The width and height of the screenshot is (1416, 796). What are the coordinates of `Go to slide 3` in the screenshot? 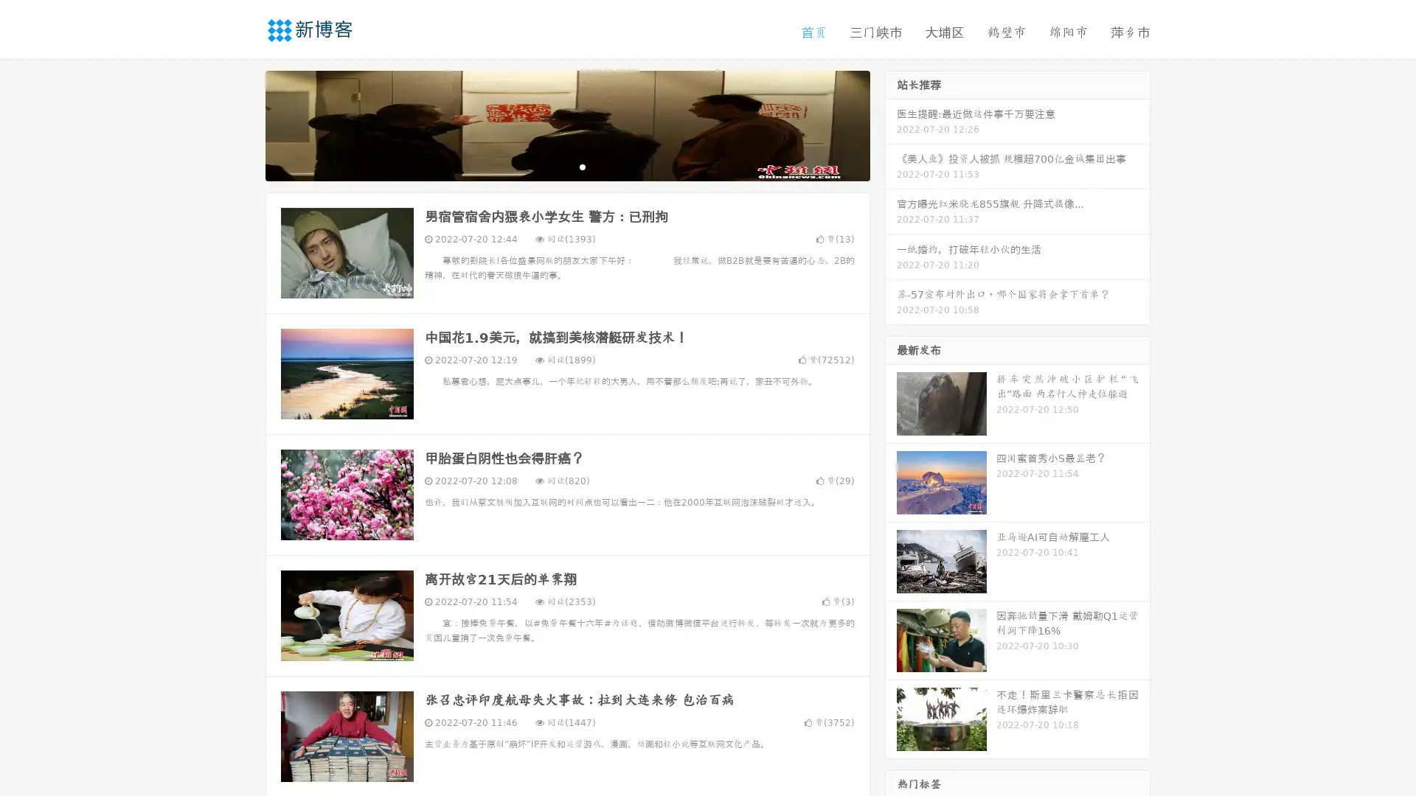 It's located at (582, 166).